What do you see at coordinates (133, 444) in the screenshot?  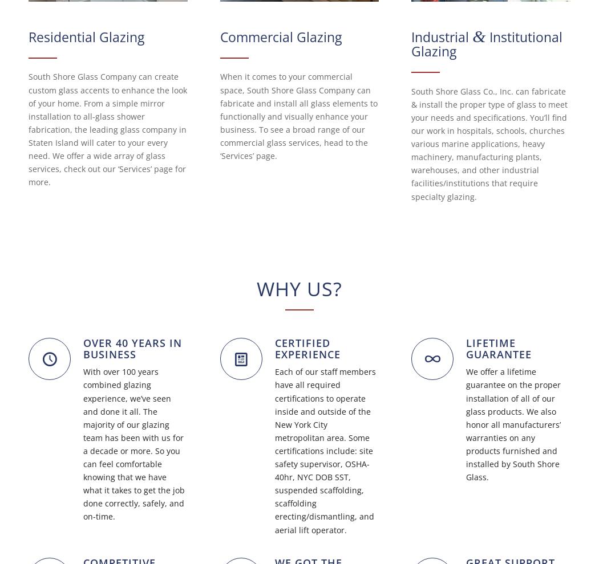 I see `'With over 100 years combined glazing experience, we’ve seen and done it all. The majority of our glazing team has been with us for a decade or more. So you can feel comfortable knowing that we have what it takes to get the job done correctly, safely, and on-time.'` at bounding box center [133, 444].